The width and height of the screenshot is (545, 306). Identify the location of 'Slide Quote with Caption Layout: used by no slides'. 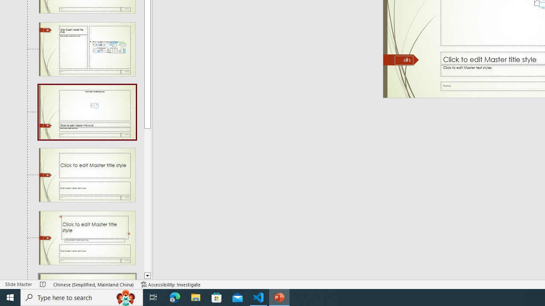
(87, 238).